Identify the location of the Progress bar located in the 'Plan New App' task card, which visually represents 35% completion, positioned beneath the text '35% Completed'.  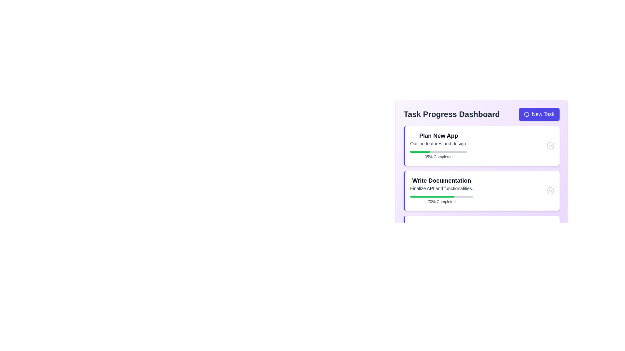
(438, 151).